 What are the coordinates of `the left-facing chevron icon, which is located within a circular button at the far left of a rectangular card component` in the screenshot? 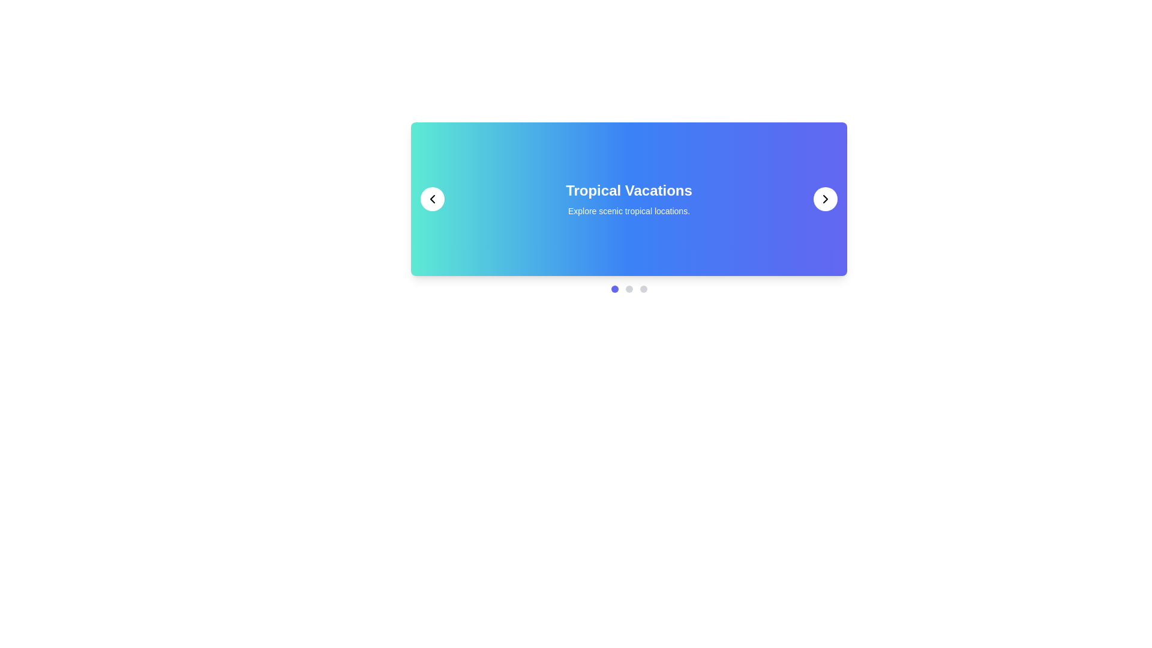 It's located at (432, 198).